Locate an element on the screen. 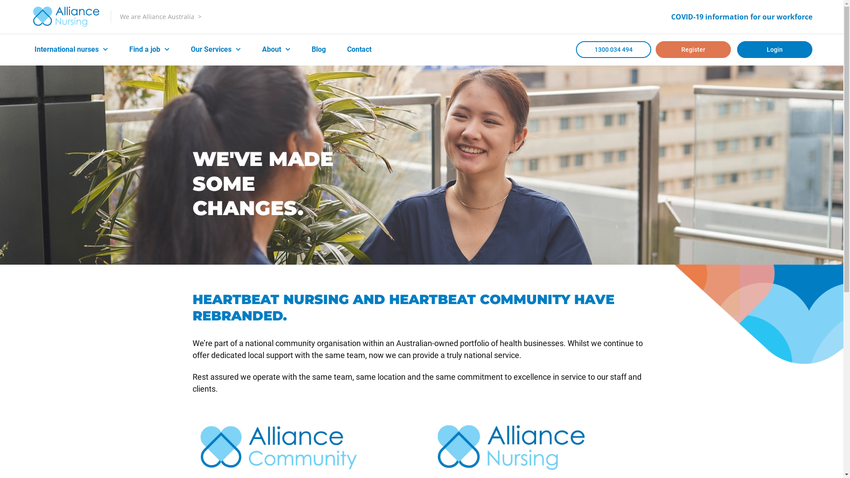 Image resolution: width=850 pixels, height=478 pixels. 'Login' is located at coordinates (774, 49).